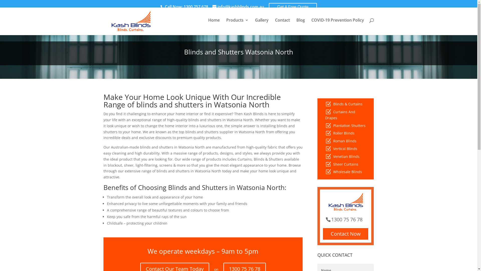 The width and height of the screenshot is (481, 271). Describe the element at coordinates (340, 115) in the screenshot. I see `'Curtains And Drapes'` at that location.